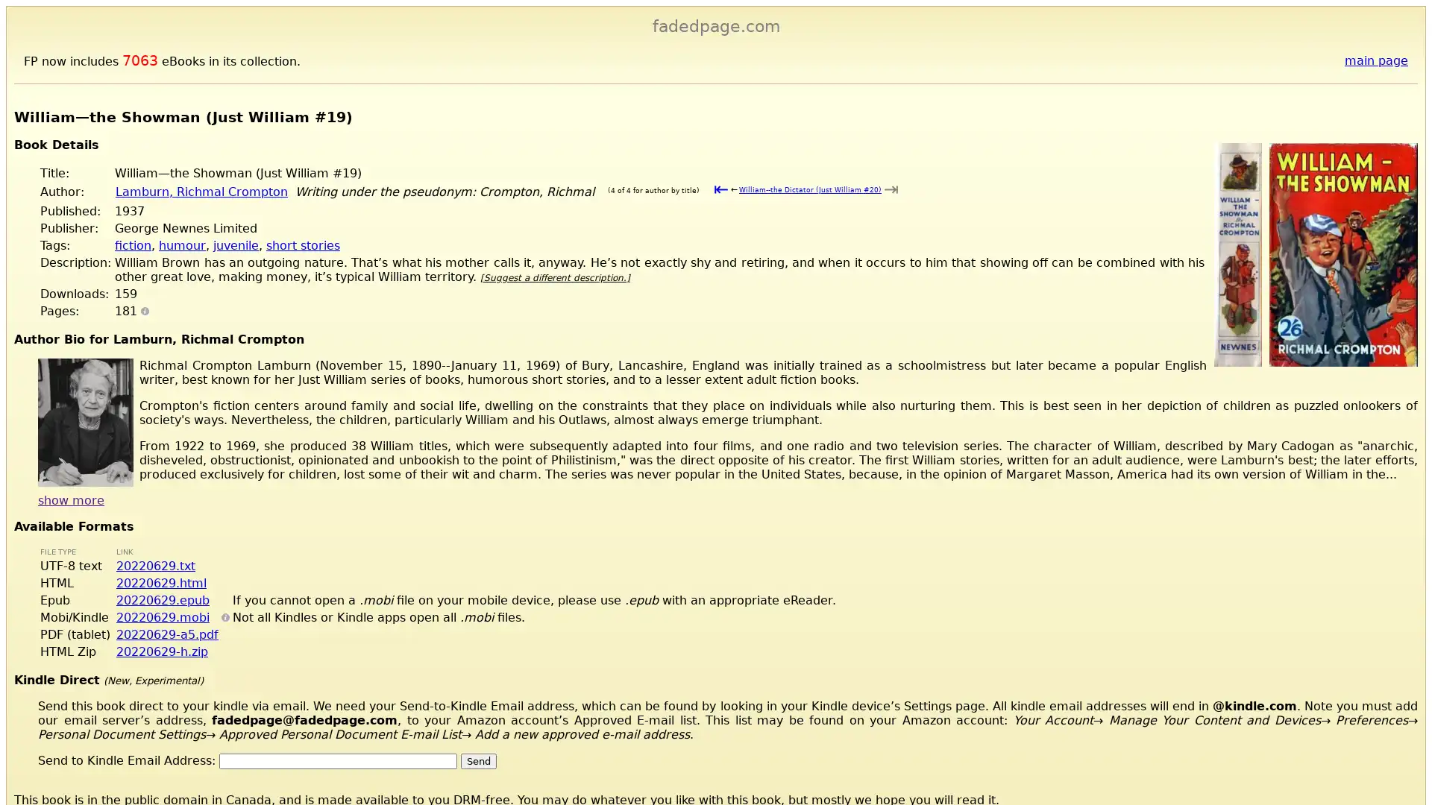 The image size is (1432, 805). What do you see at coordinates (479, 760) in the screenshot?
I see `Send` at bounding box center [479, 760].